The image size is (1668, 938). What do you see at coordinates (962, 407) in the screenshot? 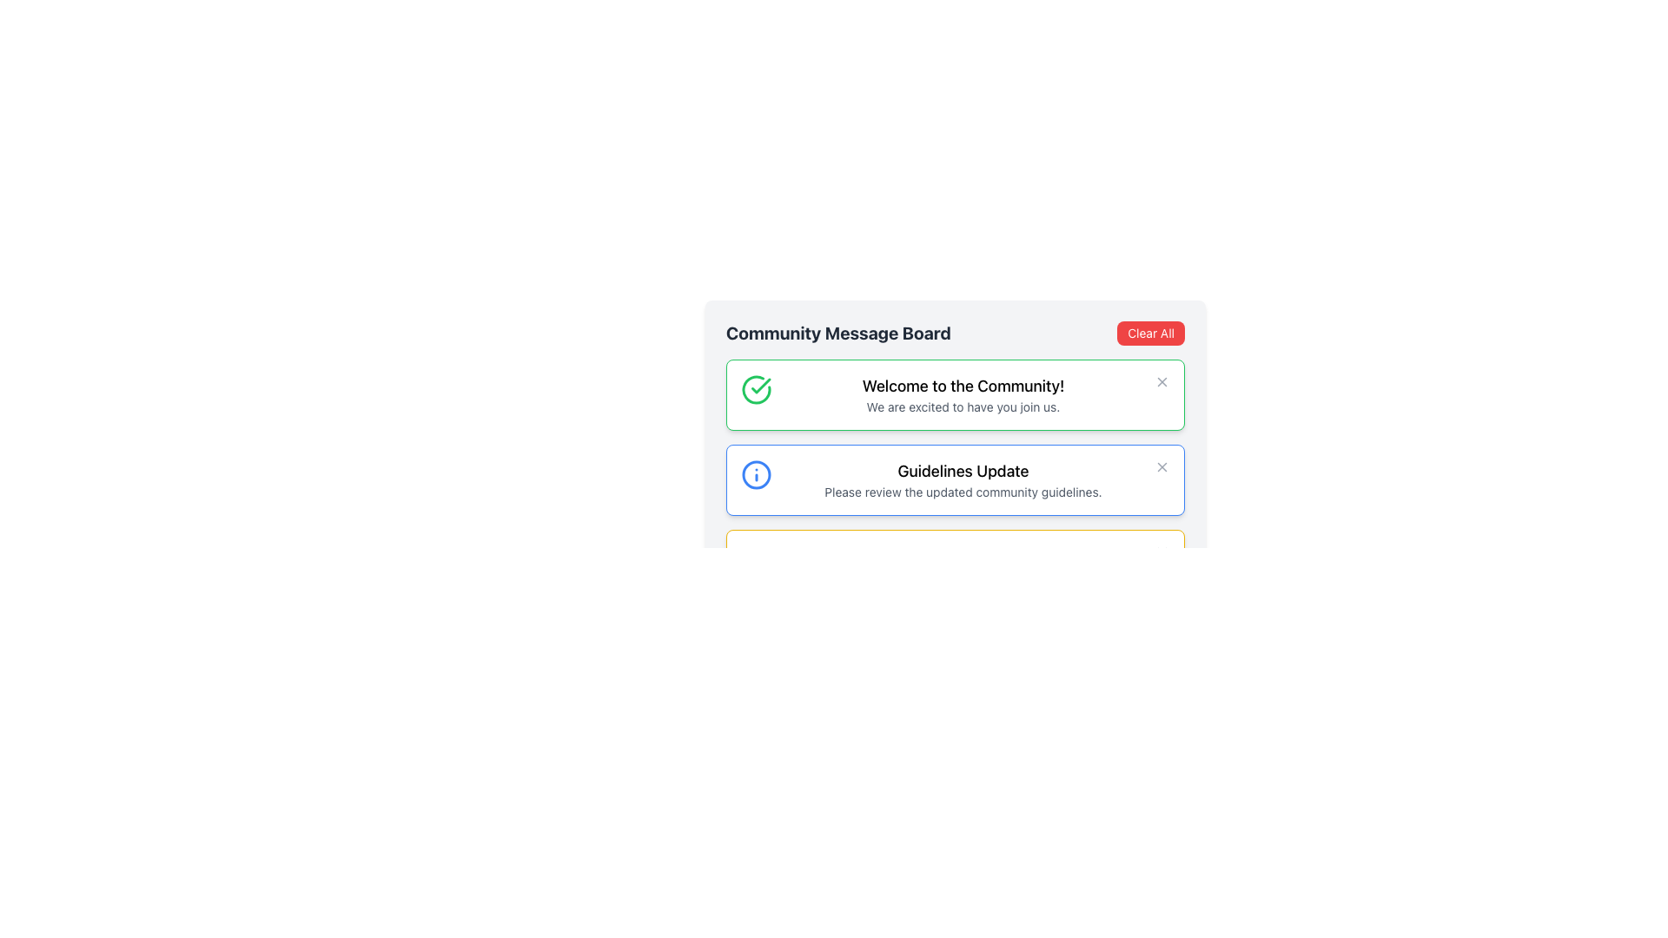
I see `the static text element providing a welcoming message located below the heading 'Welcome to the Community!' within a notification card` at bounding box center [962, 407].